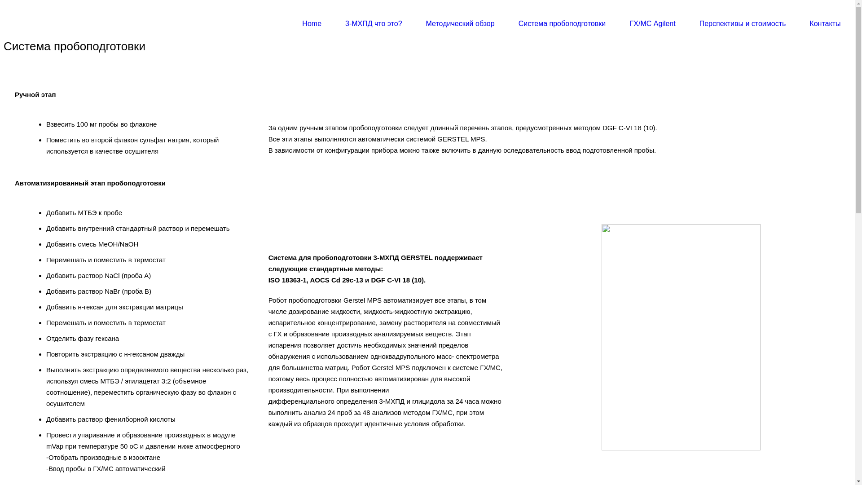 Image resolution: width=862 pixels, height=485 pixels. Describe the element at coordinates (291, 23) in the screenshot. I see `'Home'` at that location.